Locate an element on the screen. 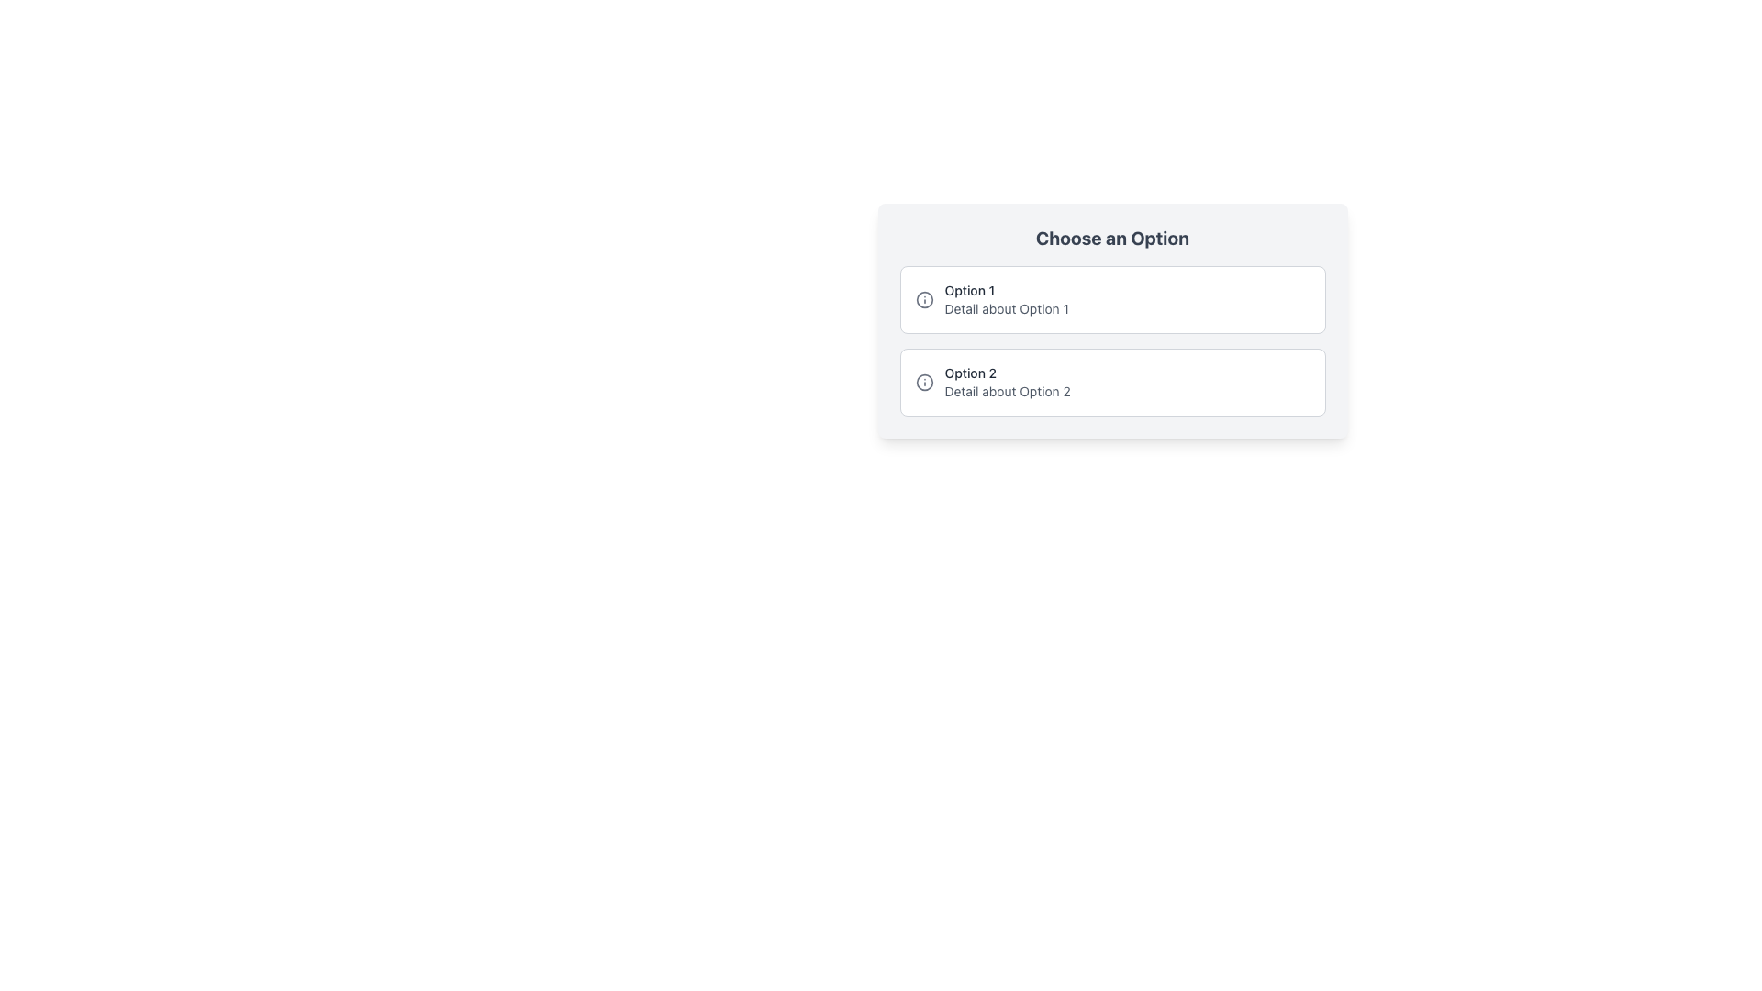 Image resolution: width=1762 pixels, height=991 pixels. the first Interactive List Item labeled 'Option 1' is located at coordinates (1111, 299).